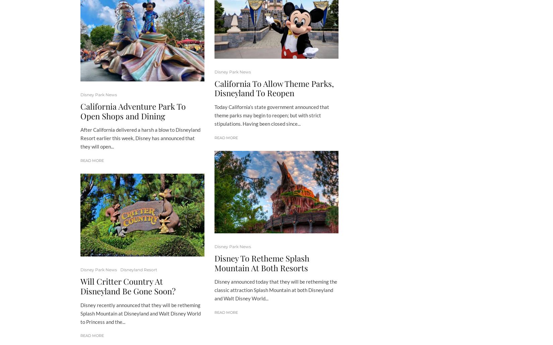 The image size is (553, 345). Describe the element at coordinates (271, 115) in the screenshot. I see `'Today California’s state government announced that theme parks may begin to reopen; but with strict stipulations. Having been closed since...'` at that location.